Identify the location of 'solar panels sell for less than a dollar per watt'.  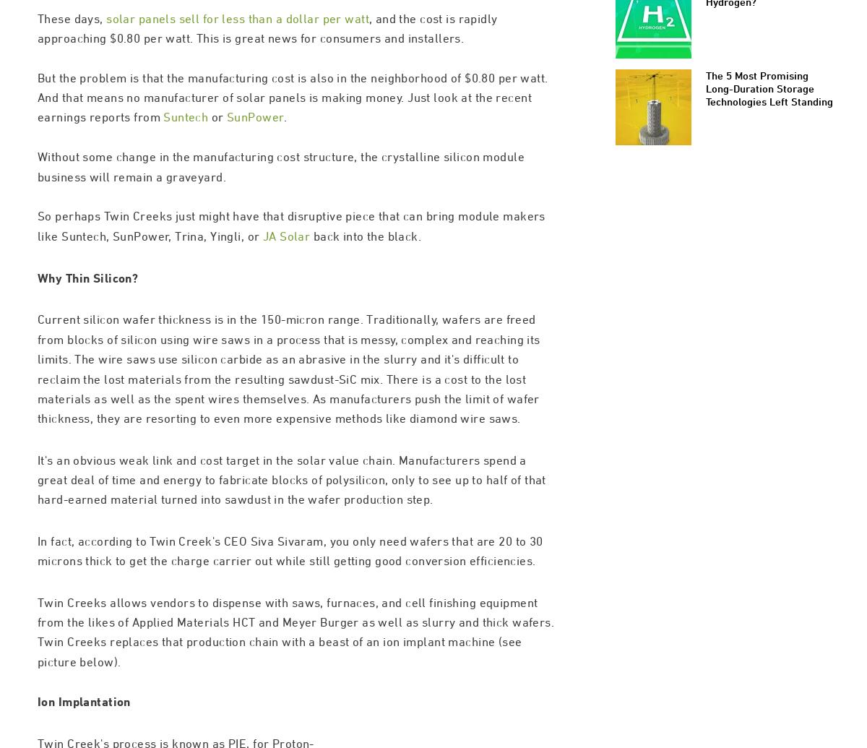
(237, 79).